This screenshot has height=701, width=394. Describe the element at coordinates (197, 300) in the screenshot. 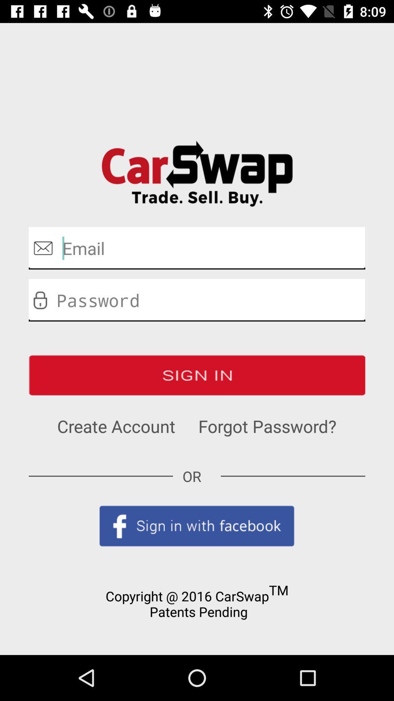

I see `type in password` at that location.